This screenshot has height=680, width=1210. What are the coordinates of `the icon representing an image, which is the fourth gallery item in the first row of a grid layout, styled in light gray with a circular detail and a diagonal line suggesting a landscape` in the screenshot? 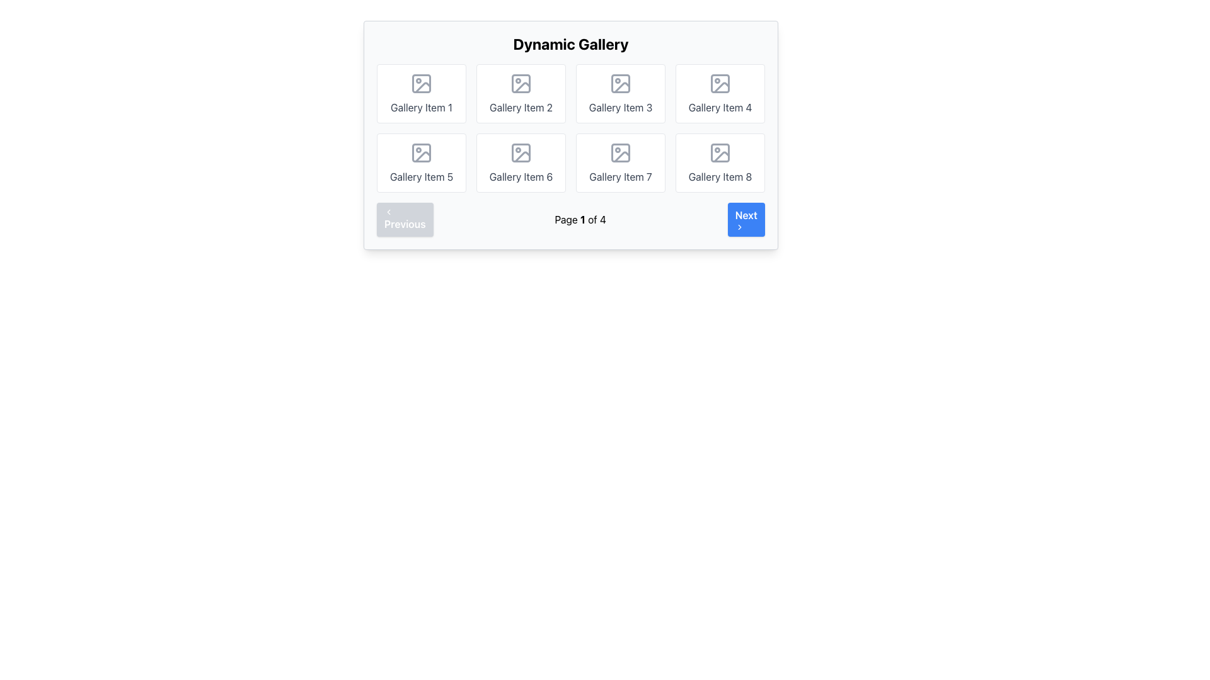 It's located at (720, 83).